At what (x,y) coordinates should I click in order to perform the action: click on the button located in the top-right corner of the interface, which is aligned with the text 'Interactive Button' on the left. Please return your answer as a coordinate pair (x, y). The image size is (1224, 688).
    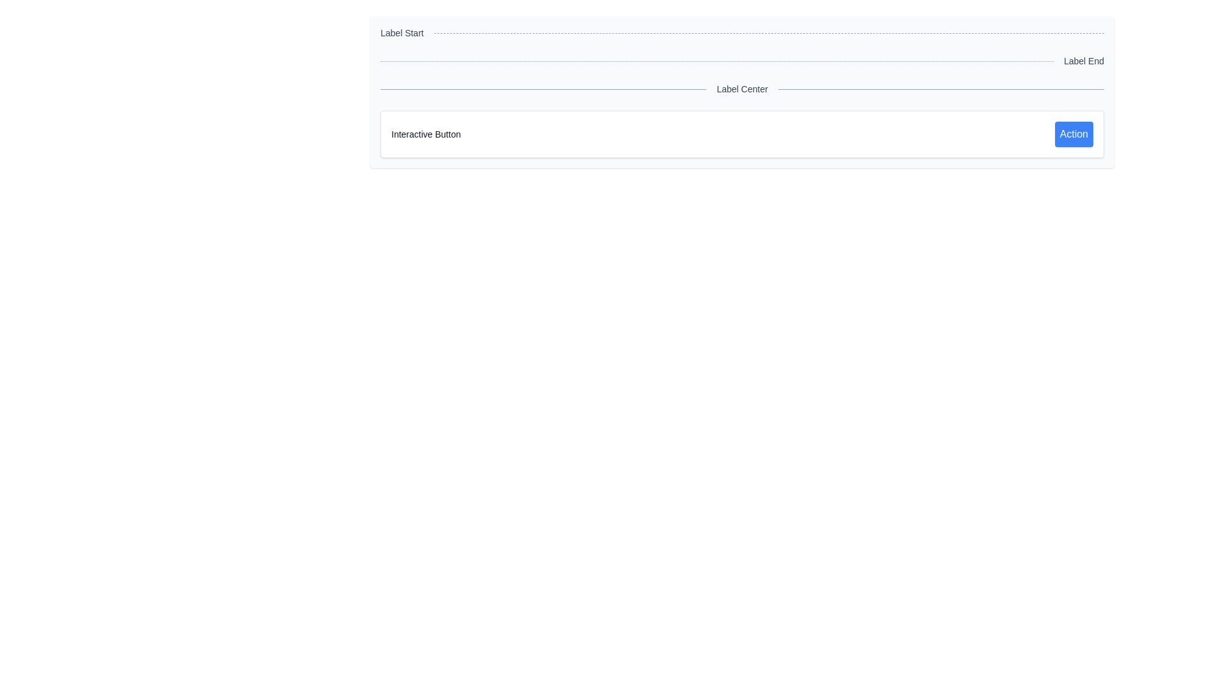
    Looking at the image, I should click on (1073, 134).